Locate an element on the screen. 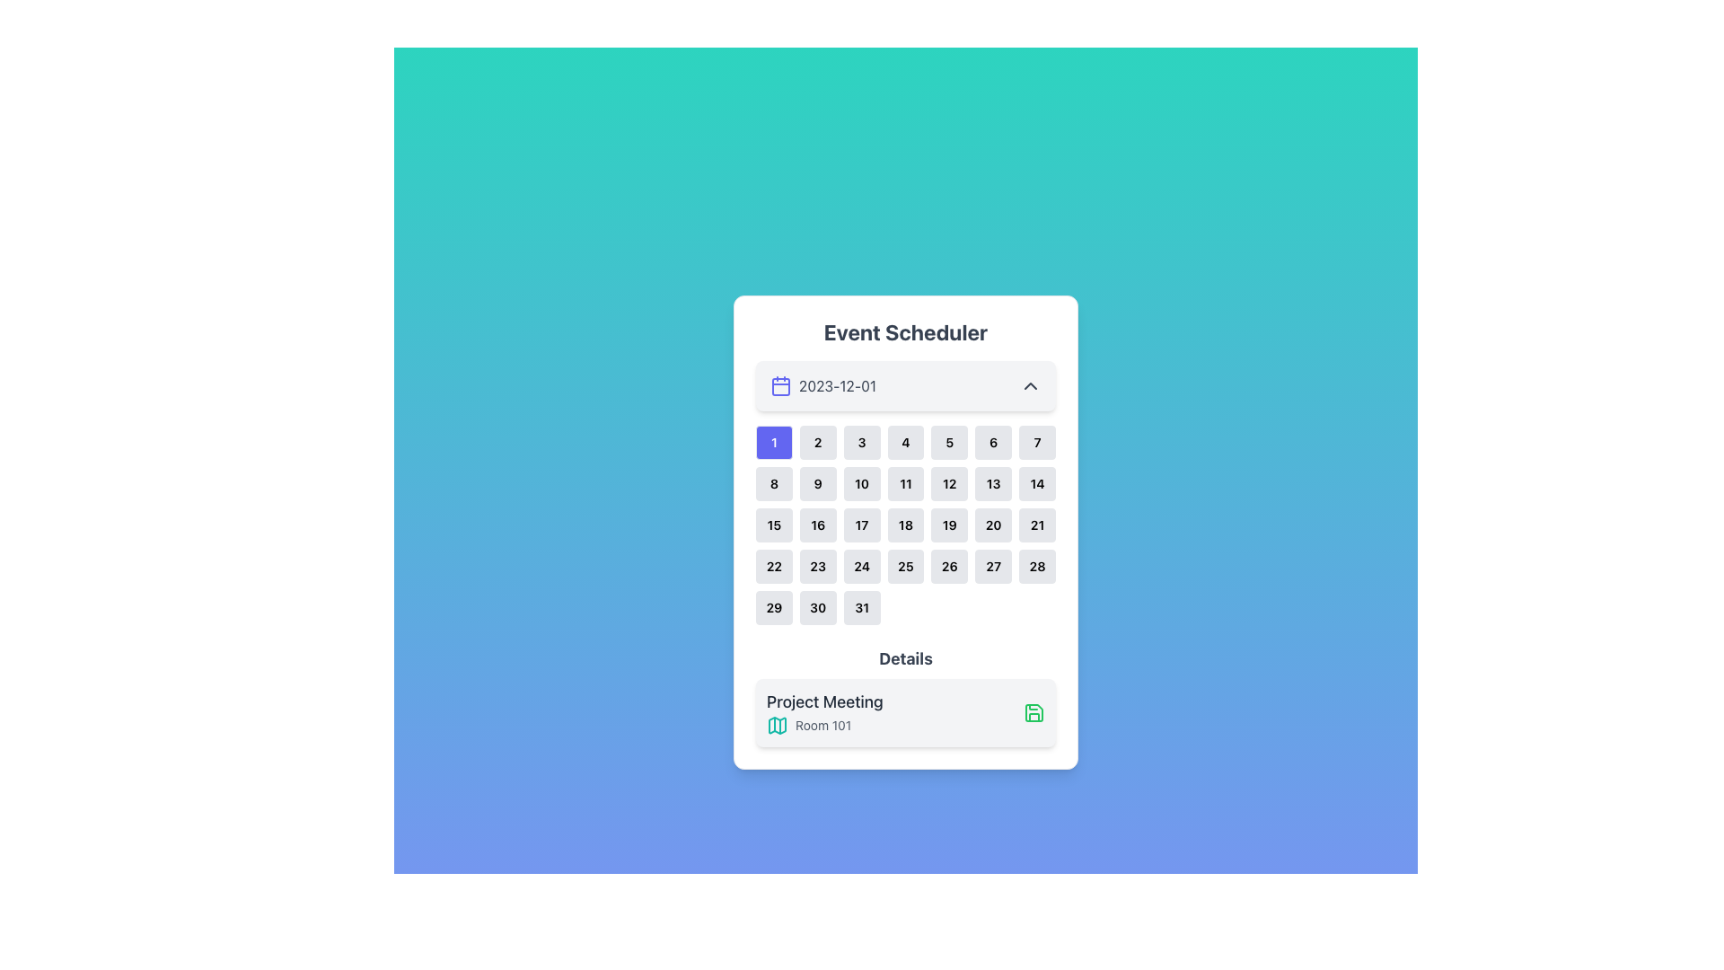 This screenshot has width=1724, height=970. the button representing the date '2' in the calendar interface is located at coordinates (817, 443).